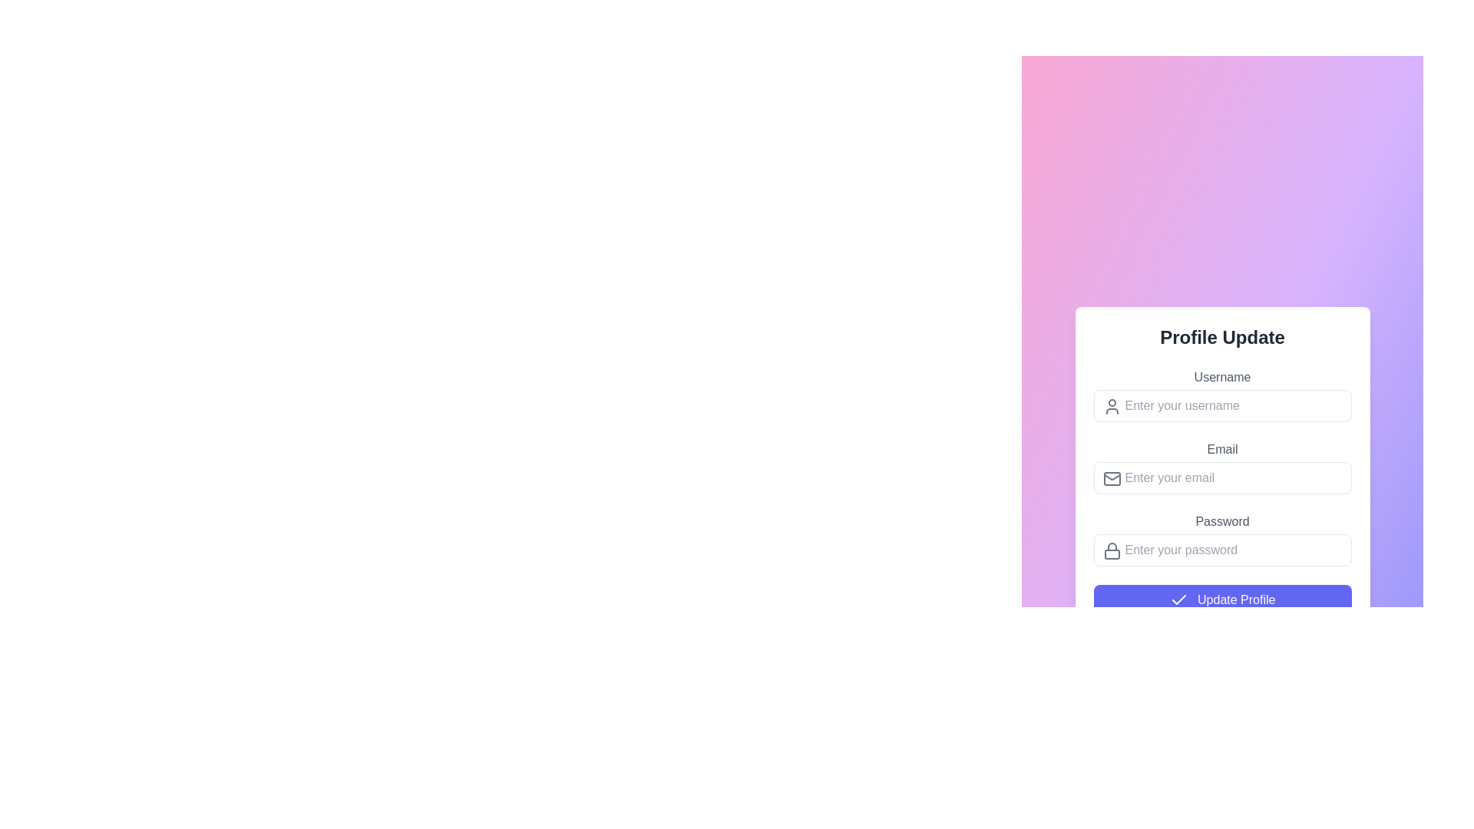  I want to click on the confirmation checkmark icon located to the left of the 'Update Profile' button, which signifies approval and submission, so click(1178, 599).